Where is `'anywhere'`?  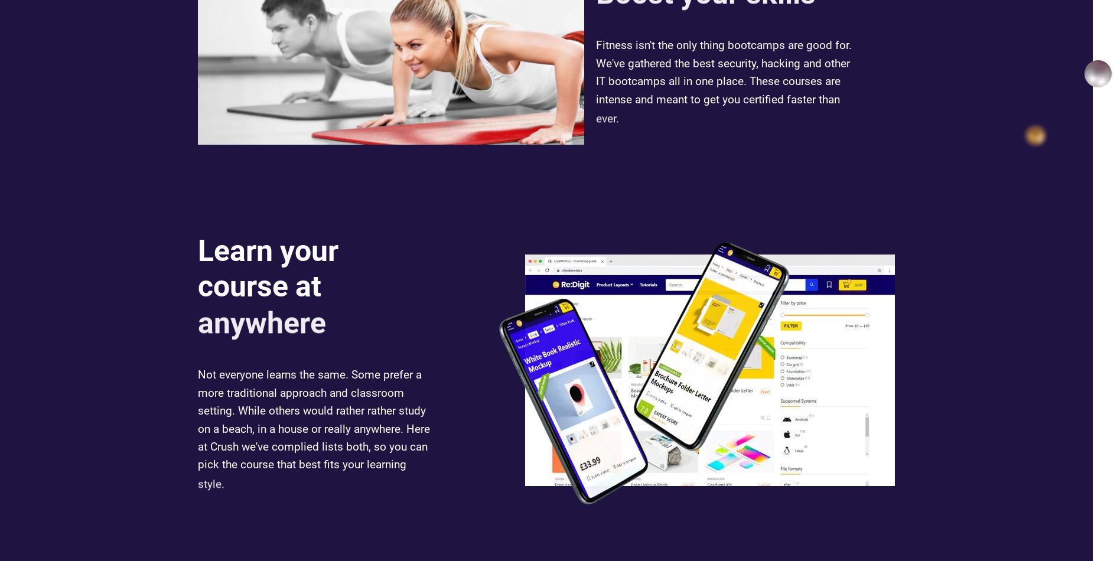 'anywhere' is located at coordinates (262, 340).